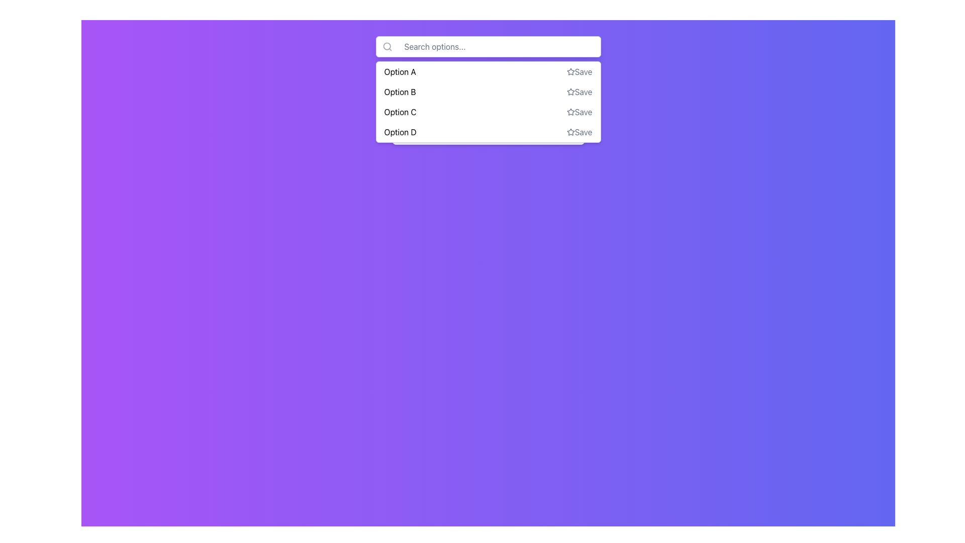 This screenshot has height=543, width=965. What do you see at coordinates (570, 71) in the screenshot?
I see `the small star icon located to the right of the 'Option A' text in the dropdown menu` at bounding box center [570, 71].